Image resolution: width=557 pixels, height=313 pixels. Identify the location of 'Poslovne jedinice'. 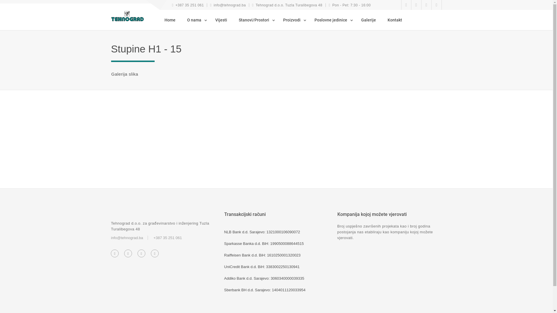
(310, 20).